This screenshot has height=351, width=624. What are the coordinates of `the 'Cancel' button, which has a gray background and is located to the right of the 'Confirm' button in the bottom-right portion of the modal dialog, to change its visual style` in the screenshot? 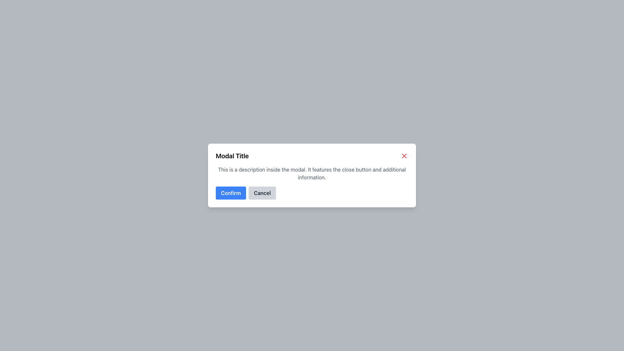 It's located at (262, 193).